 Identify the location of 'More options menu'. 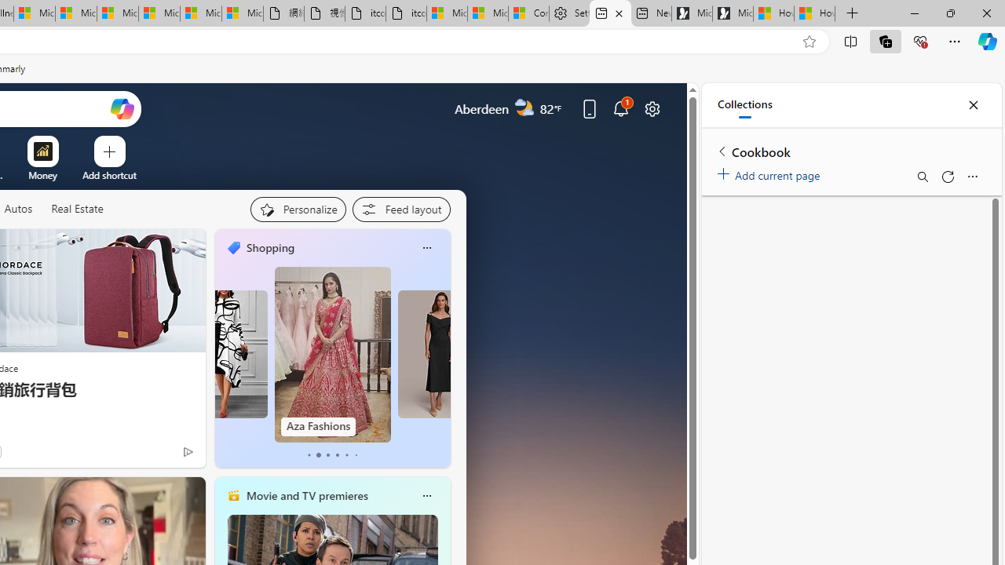
(971, 177).